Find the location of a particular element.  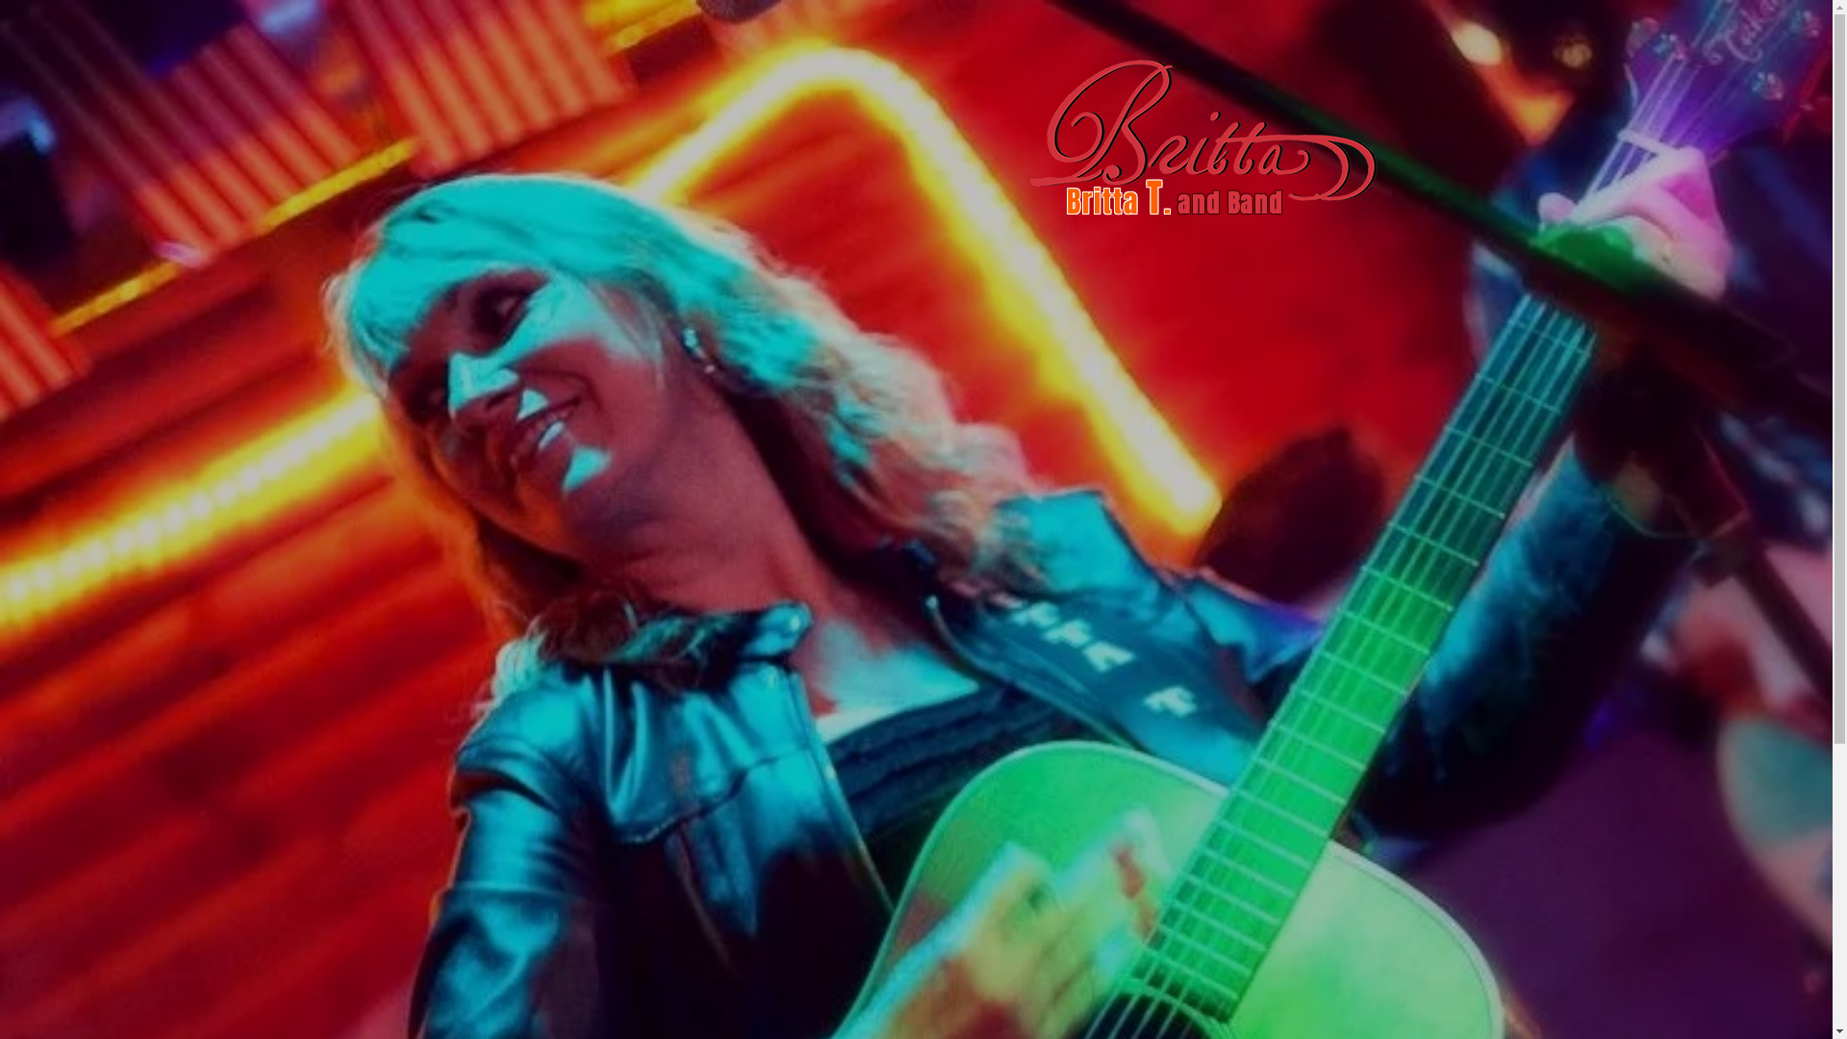

' ' is located at coordinates (1173, 204).